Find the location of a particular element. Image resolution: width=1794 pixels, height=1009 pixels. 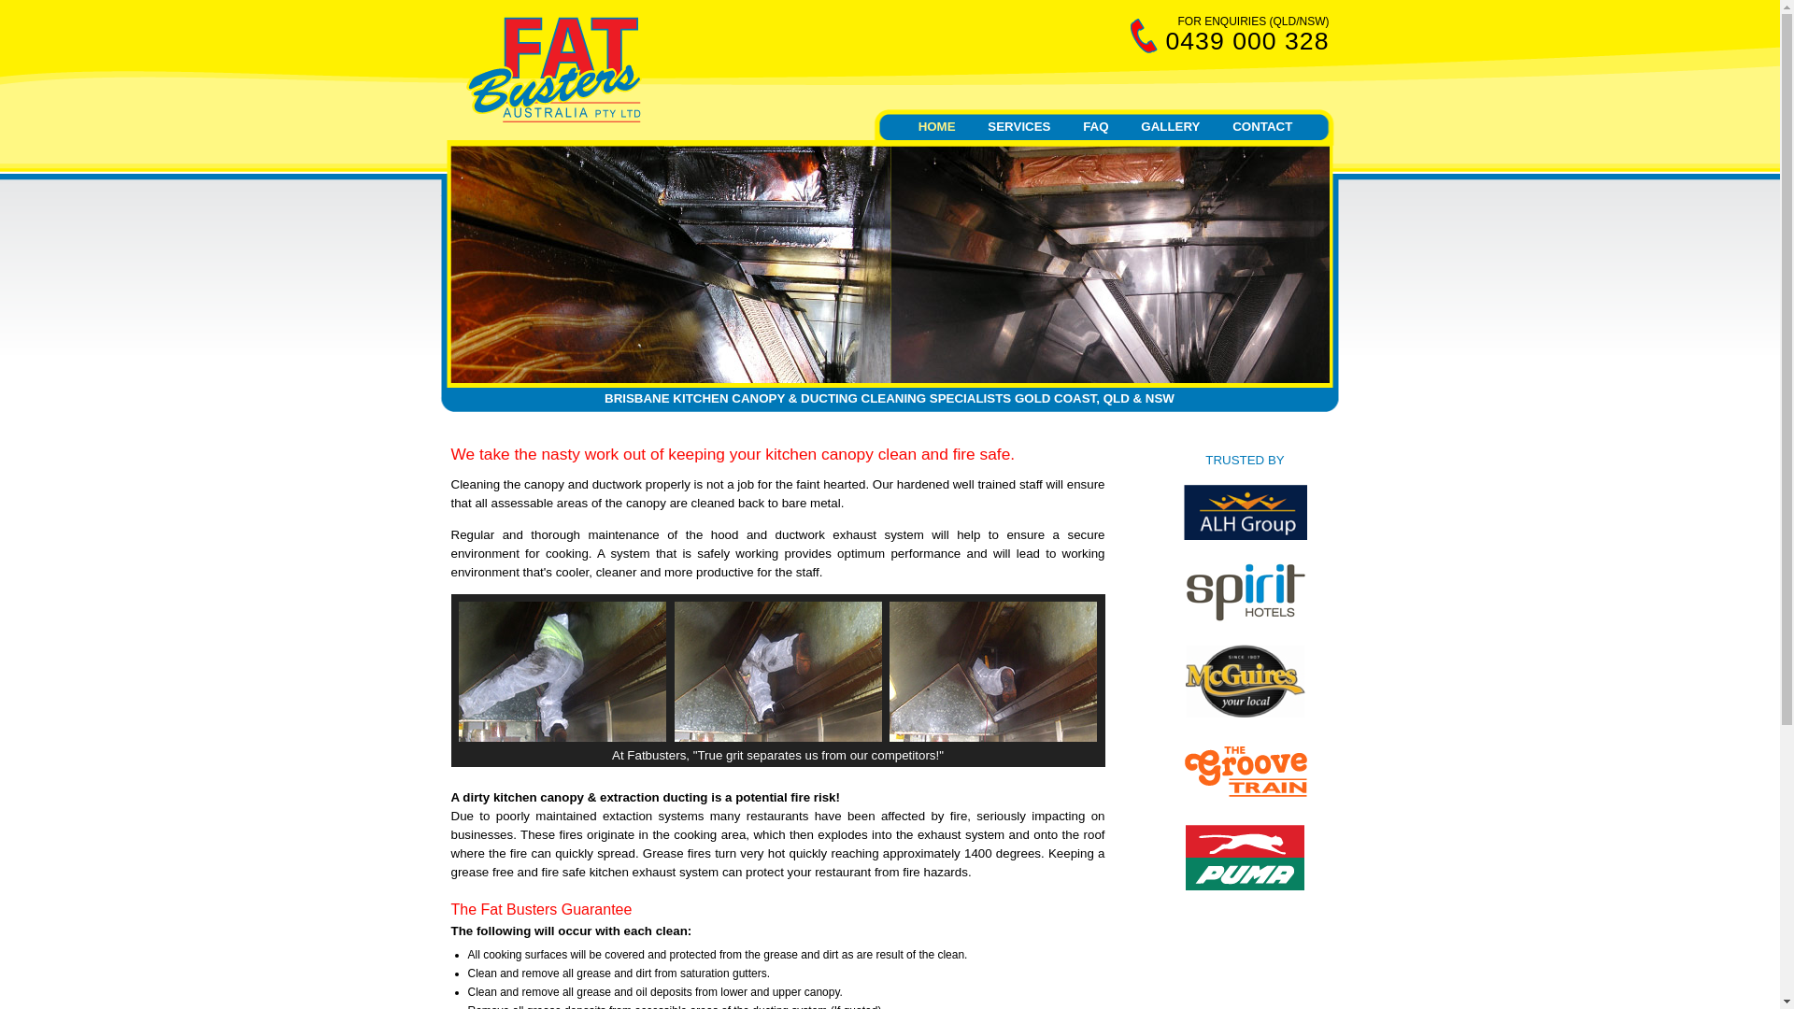

'GALLERY' is located at coordinates (1169, 126).